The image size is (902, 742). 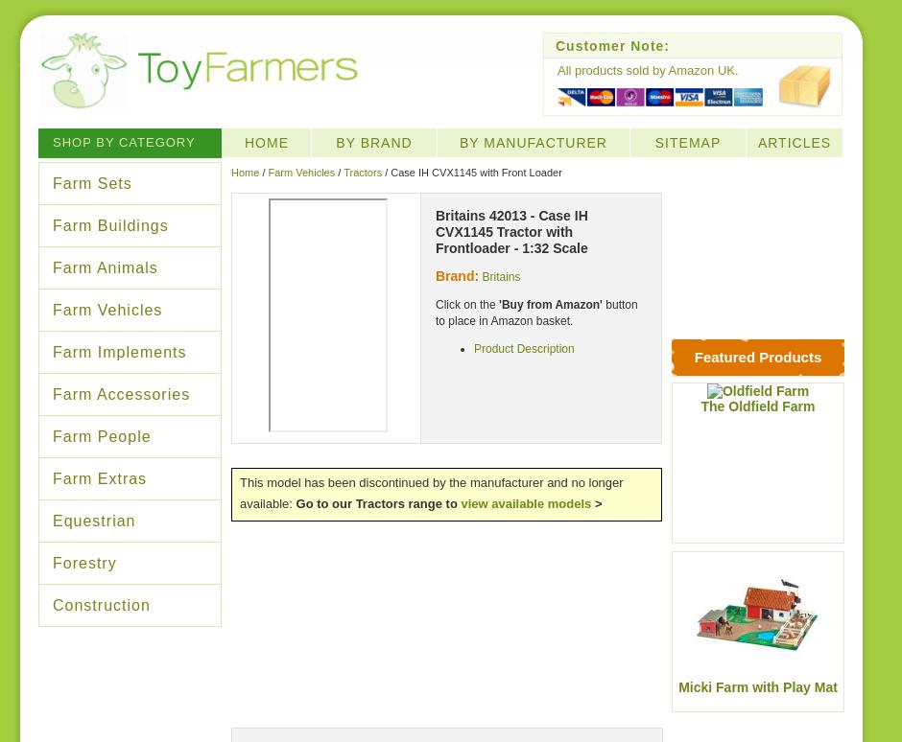 What do you see at coordinates (101, 605) in the screenshot?
I see `'Construction'` at bounding box center [101, 605].